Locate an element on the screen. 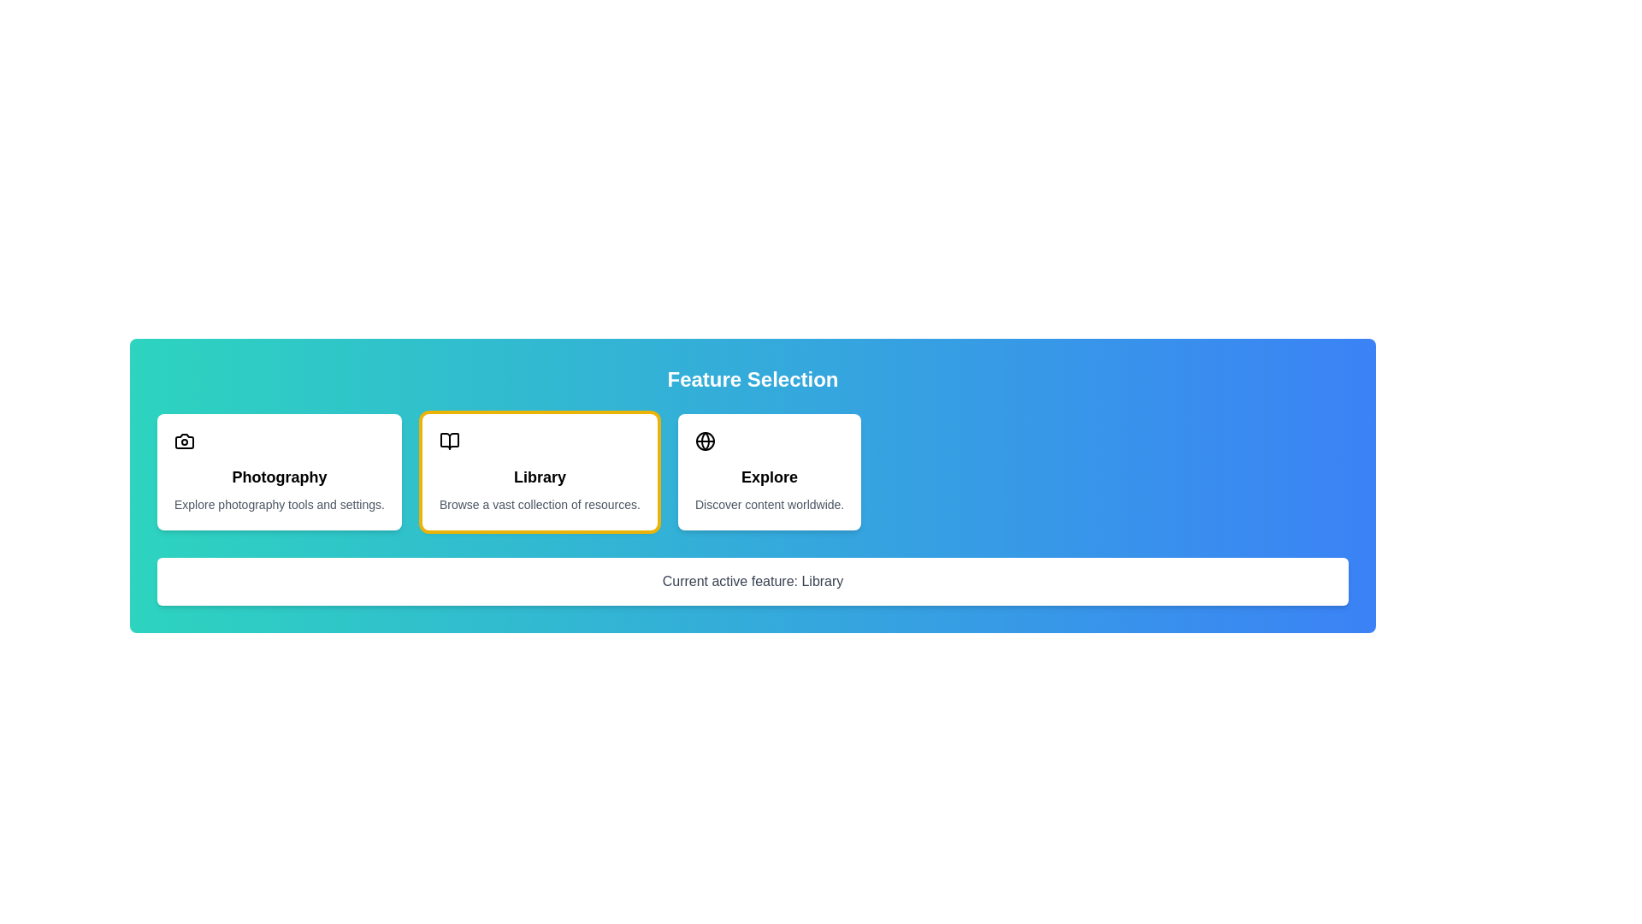 Image resolution: width=1642 pixels, height=924 pixels. the icon located in the top right corner of the 'Explore' card is located at coordinates (706, 441).